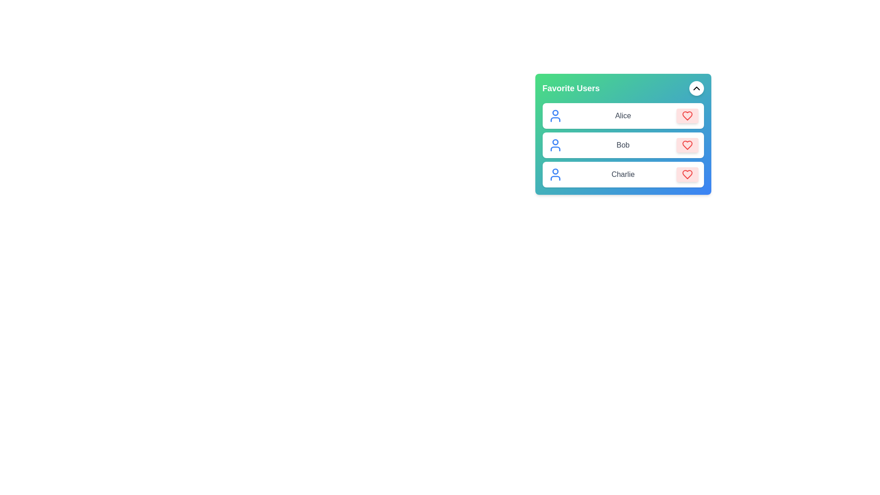  What do you see at coordinates (687, 175) in the screenshot?
I see `the heart button next to the user Charlie` at bounding box center [687, 175].